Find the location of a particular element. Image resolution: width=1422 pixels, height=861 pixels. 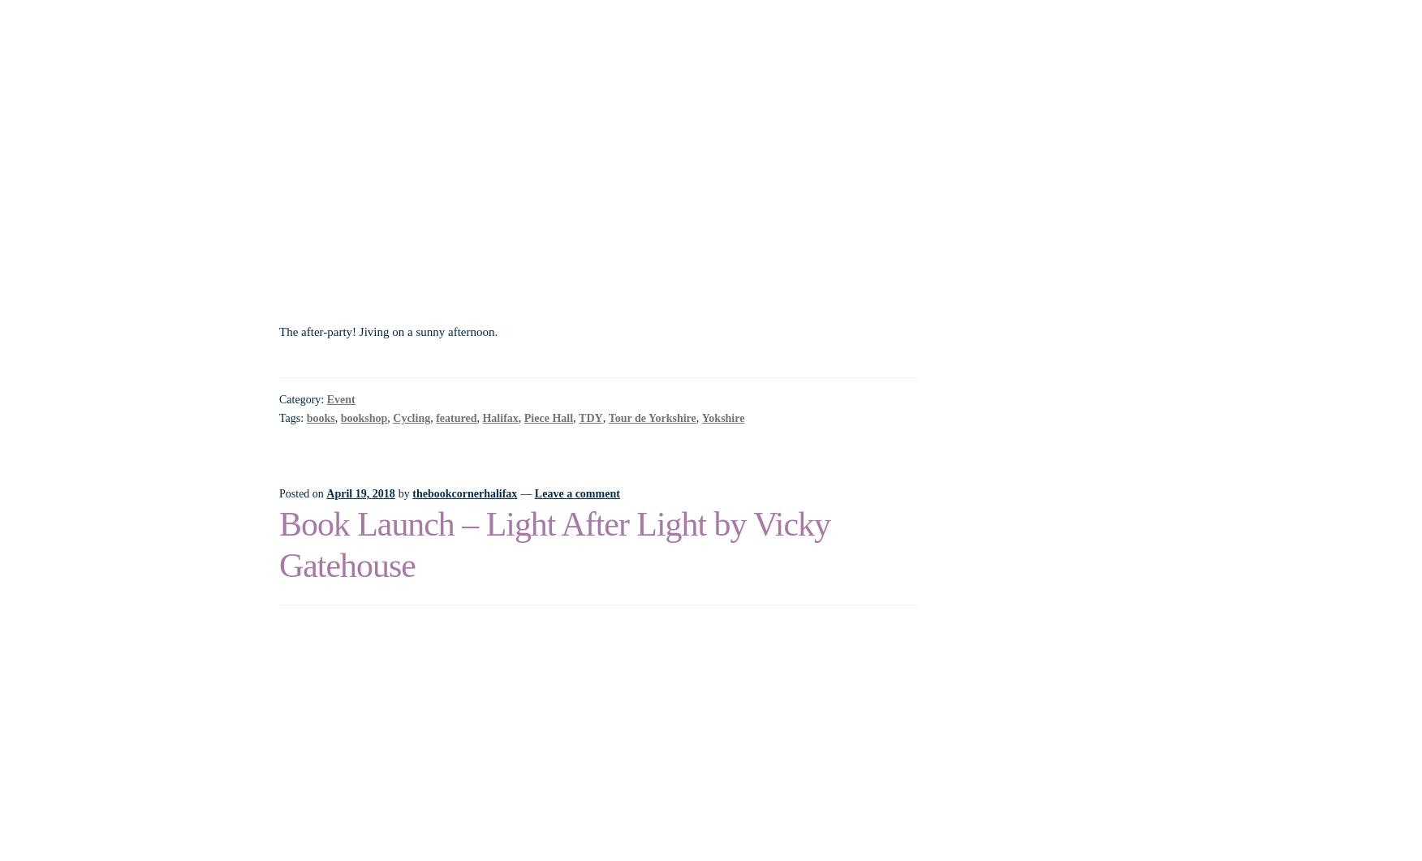

'by' is located at coordinates (404, 493).